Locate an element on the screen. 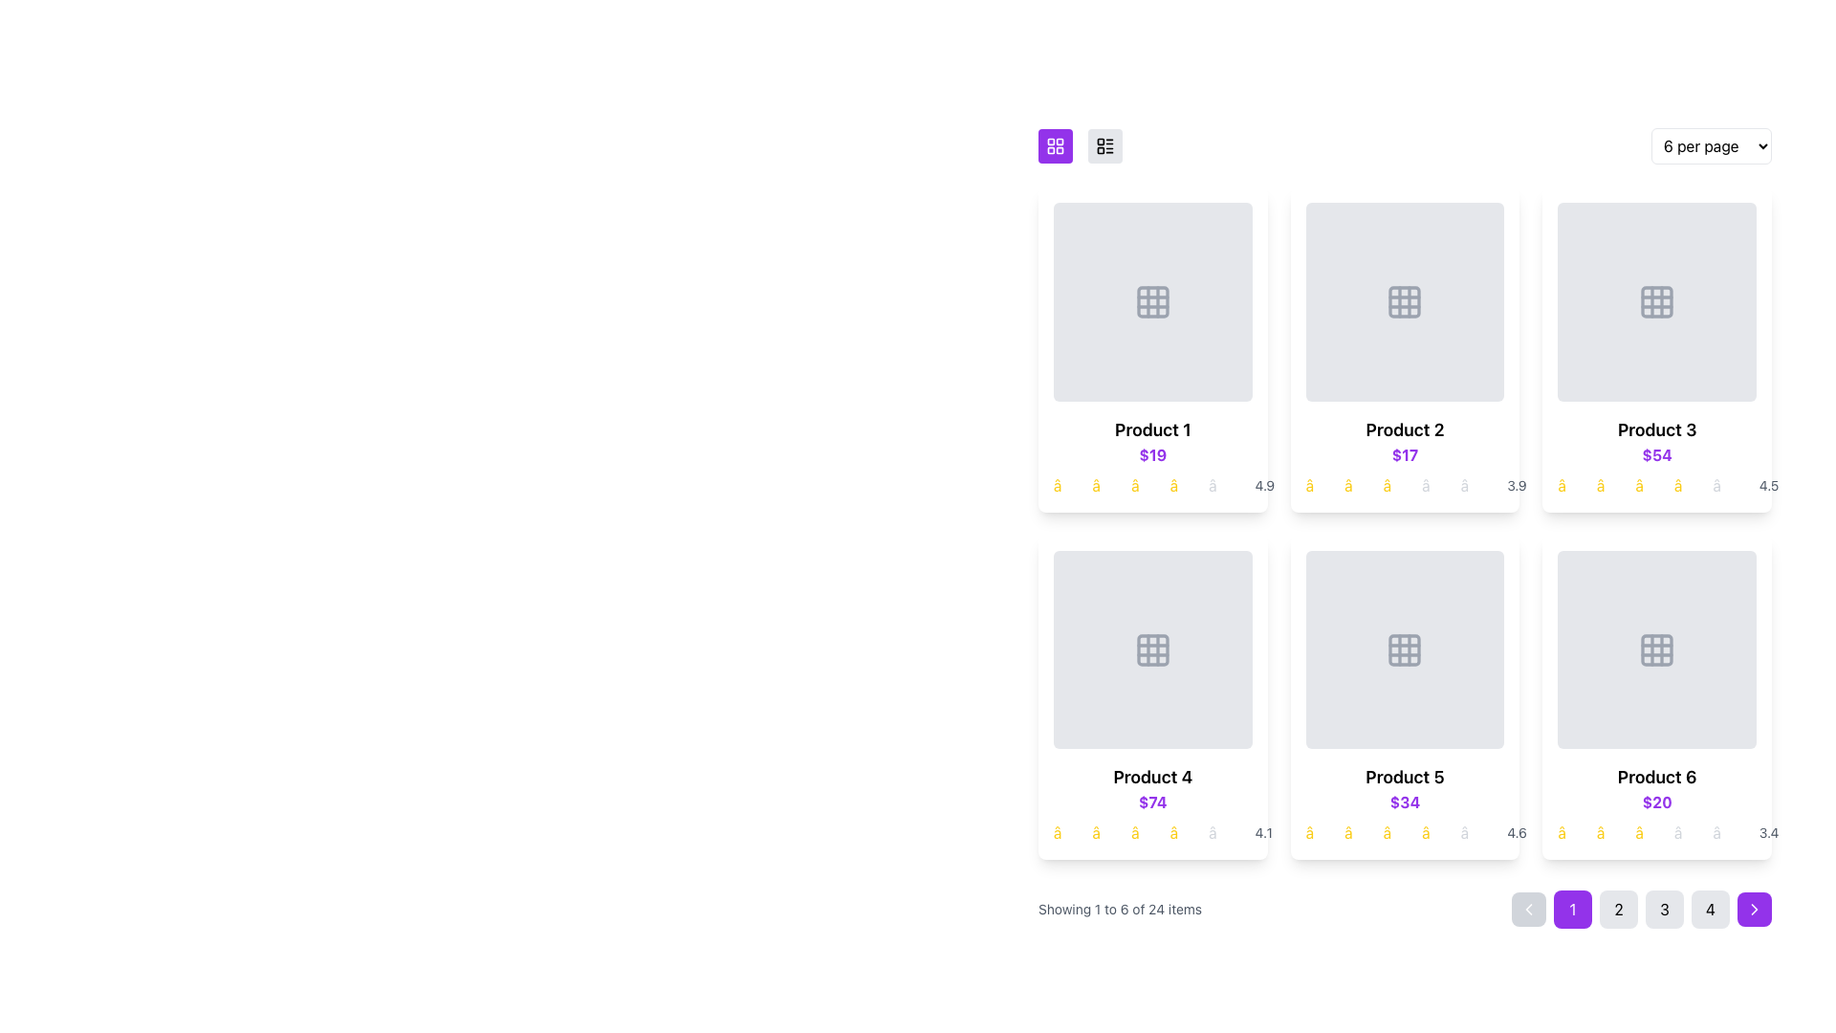 The height and width of the screenshot is (1033, 1836). the pagination arrows located at the bottom center of the grid section is located at coordinates (1405, 909).